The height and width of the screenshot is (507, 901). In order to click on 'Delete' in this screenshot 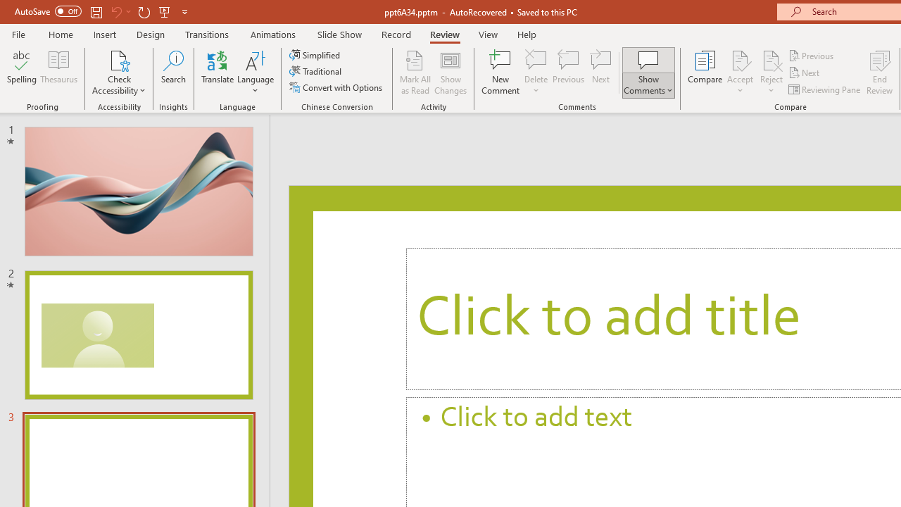, I will do `click(536, 73)`.